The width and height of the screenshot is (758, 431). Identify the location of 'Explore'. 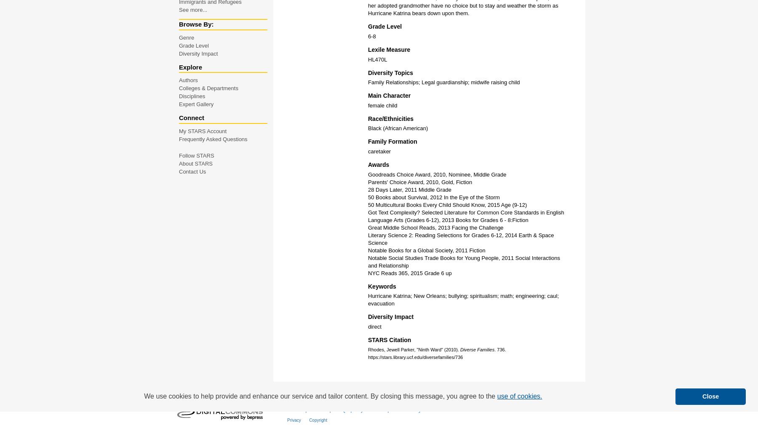
(190, 67).